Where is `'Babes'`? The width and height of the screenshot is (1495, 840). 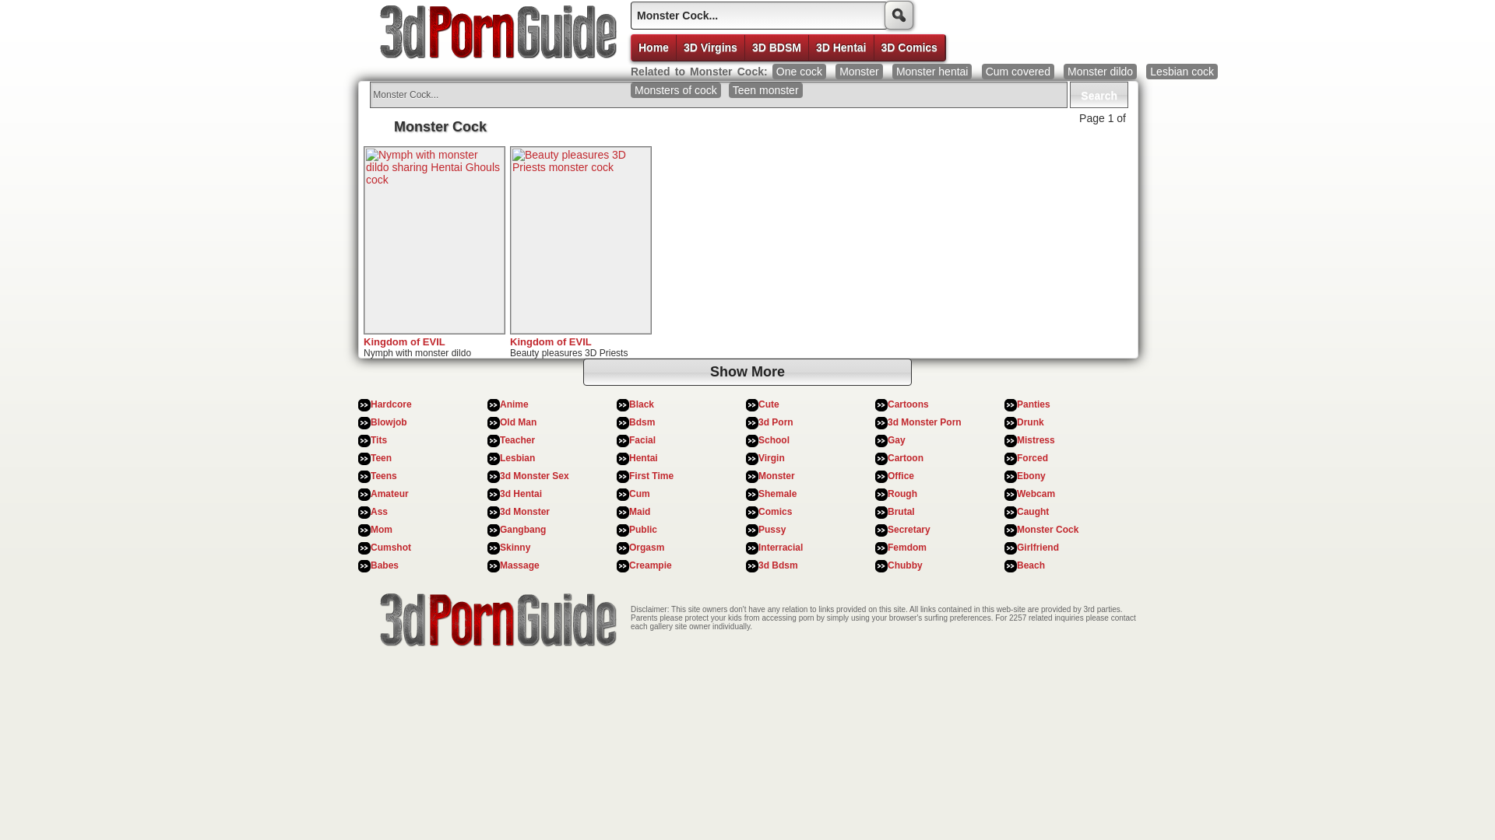 'Babes' is located at coordinates (385, 565).